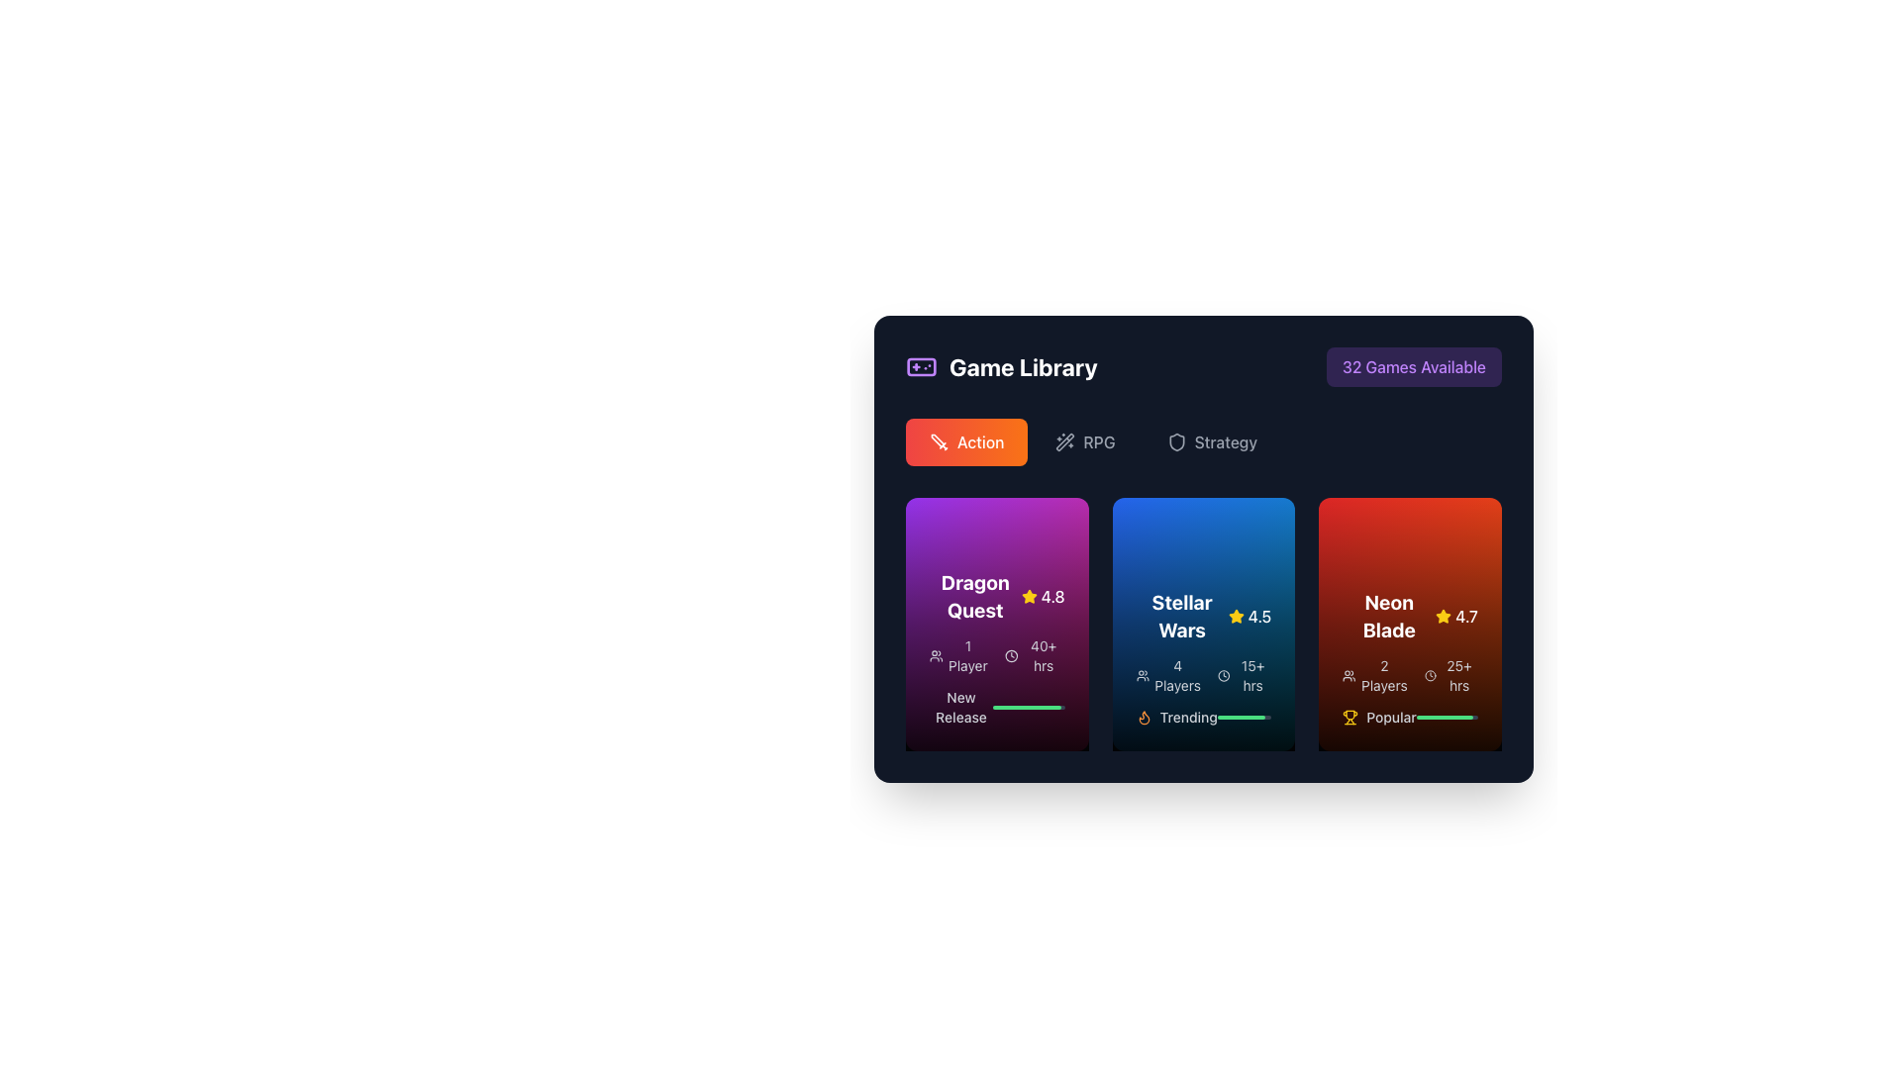 Image resolution: width=1901 pixels, height=1069 pixels. I want to click on the 'Strategy' text label, so click(1225, 441).